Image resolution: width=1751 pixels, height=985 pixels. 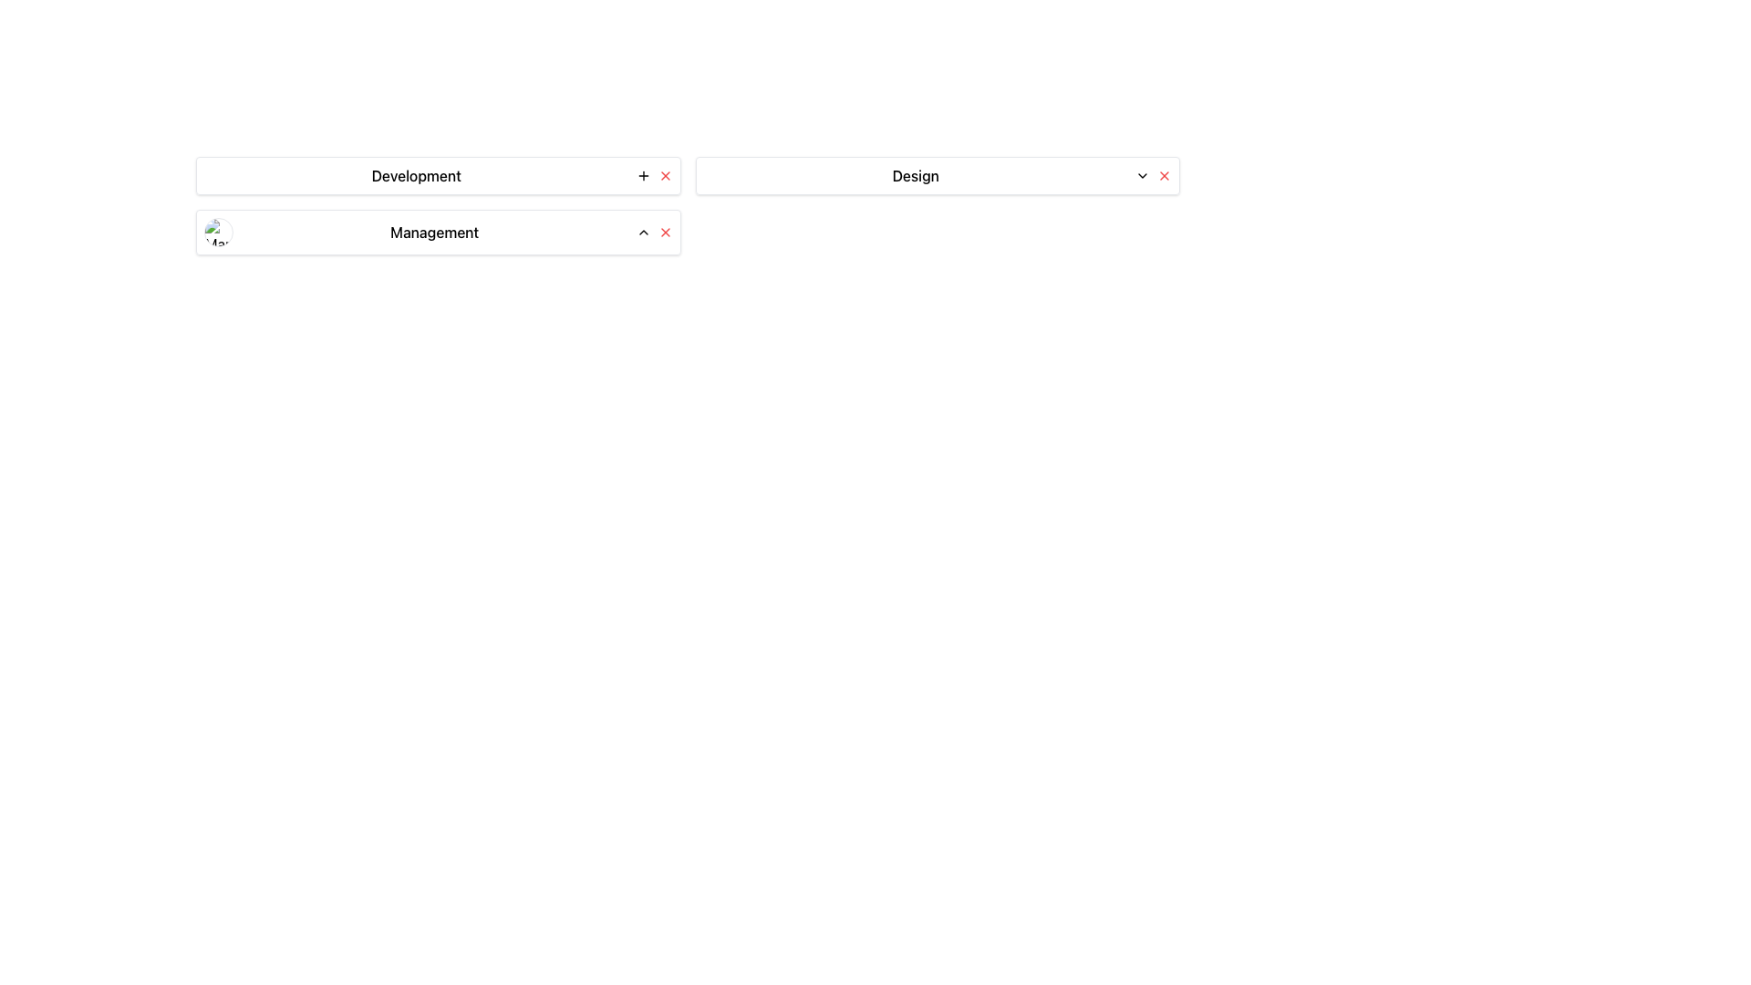 What do you see at coordinates (664, 175) in the screenshot?
I see `the red cross icon located on the right side of the 'Development' box to observe a color change effect` at bounding box center [664, 175].